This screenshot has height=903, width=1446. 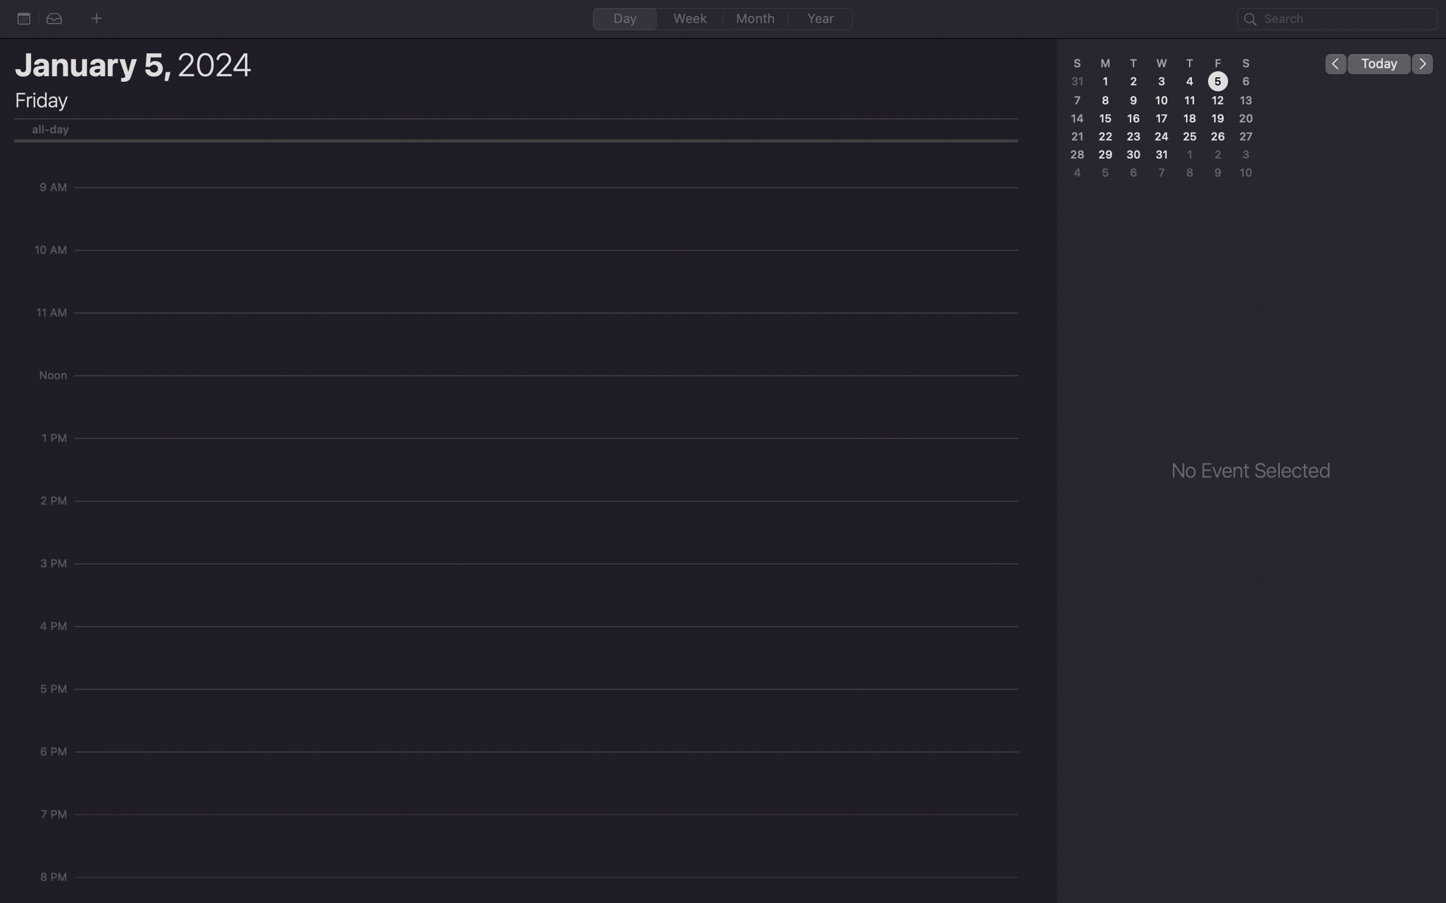 I want to click on Check the weekly calendar tab, so click(x=690, y=18).